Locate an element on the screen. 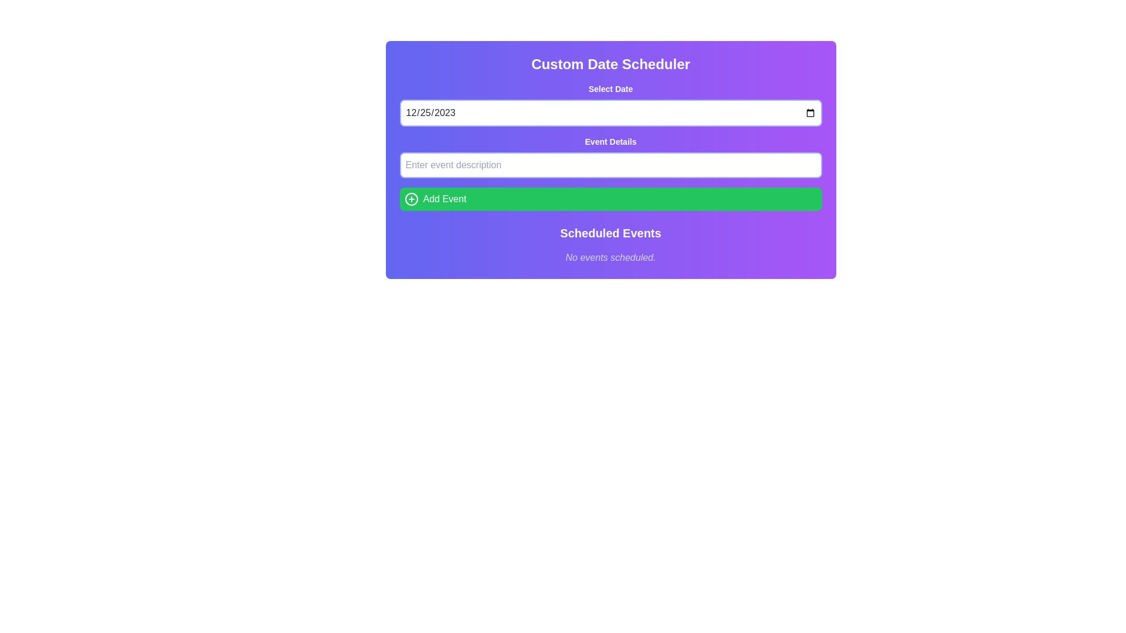 The image size is (1126, 633). the date input field labeled 'Select Date' in the 'Custom Date Scheduler' section by pressing Tab or Shift+Tab is located at coordinates (610, 104).